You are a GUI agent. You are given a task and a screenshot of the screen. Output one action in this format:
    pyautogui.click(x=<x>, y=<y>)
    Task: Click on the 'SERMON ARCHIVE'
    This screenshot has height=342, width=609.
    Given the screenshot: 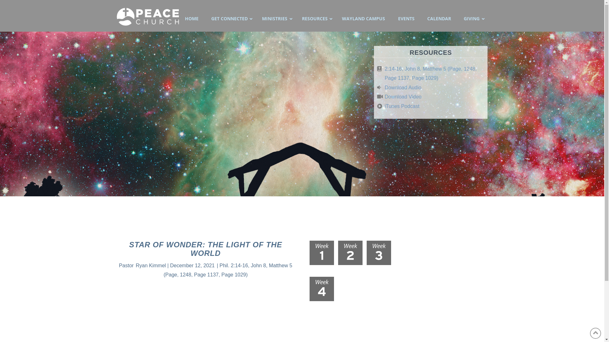 What is the action you would take?
    pyautogui.click(x=301, y=332)
    